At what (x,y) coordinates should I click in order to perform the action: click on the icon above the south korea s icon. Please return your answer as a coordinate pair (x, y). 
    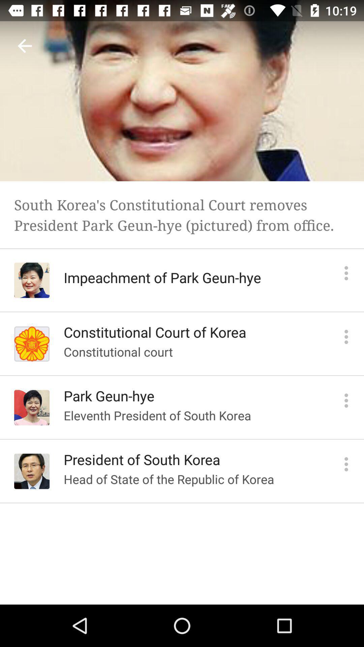
    Looking at the image, I should click on (24, 45).